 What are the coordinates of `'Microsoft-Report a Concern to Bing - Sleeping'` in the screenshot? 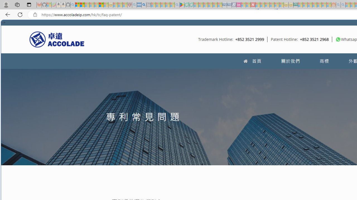 It's located at (49, 5).